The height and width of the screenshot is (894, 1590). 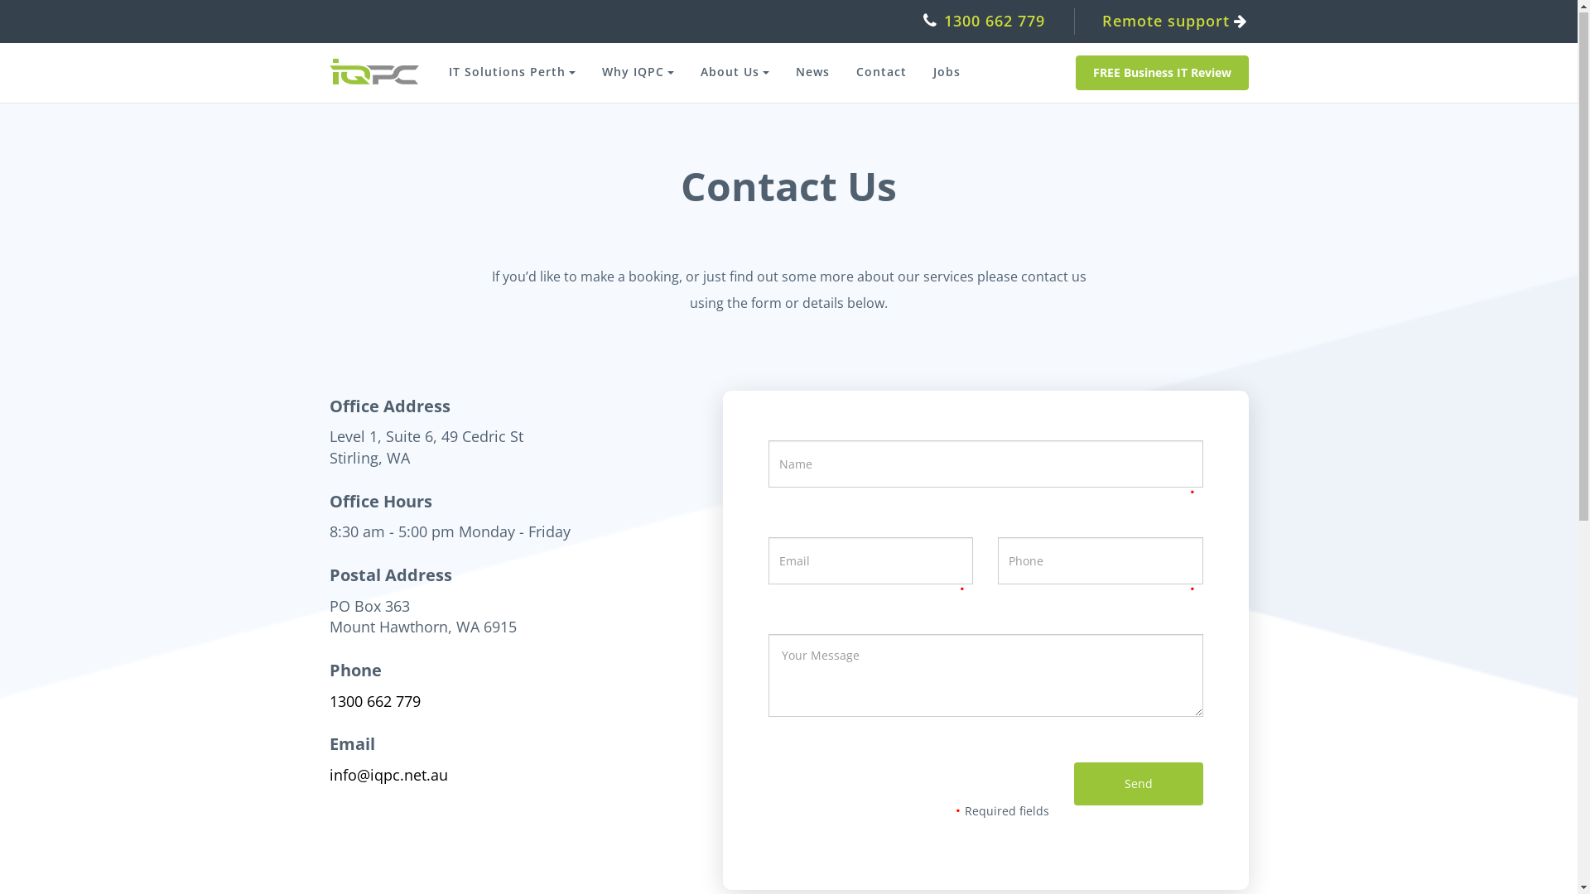 I want to click on 'Why IQPC', so click(x=599, y=72).